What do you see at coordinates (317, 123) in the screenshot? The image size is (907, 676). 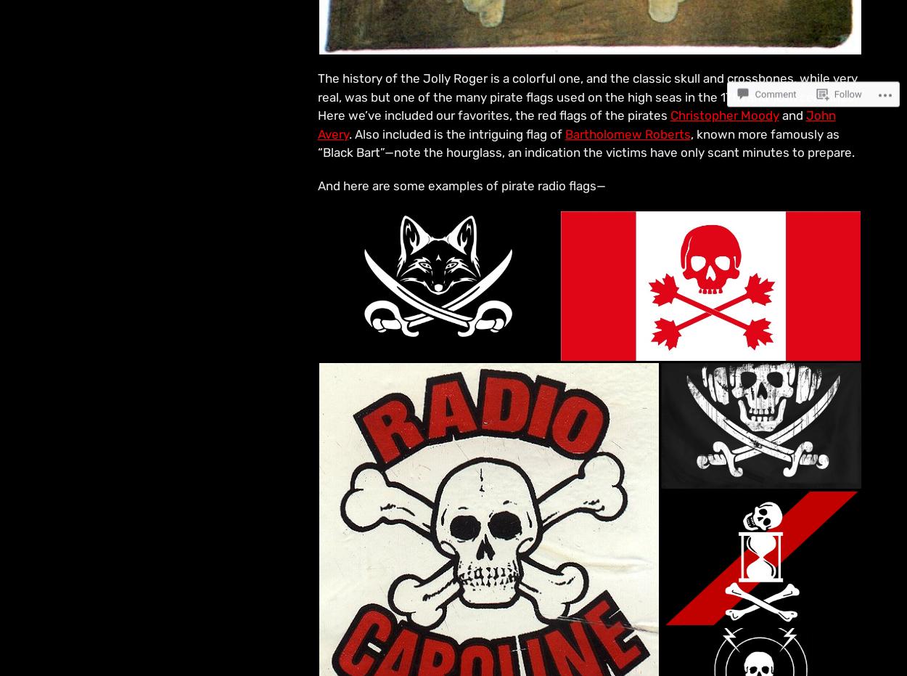 I see `'John Avery'` at bounding box center [317, 123].